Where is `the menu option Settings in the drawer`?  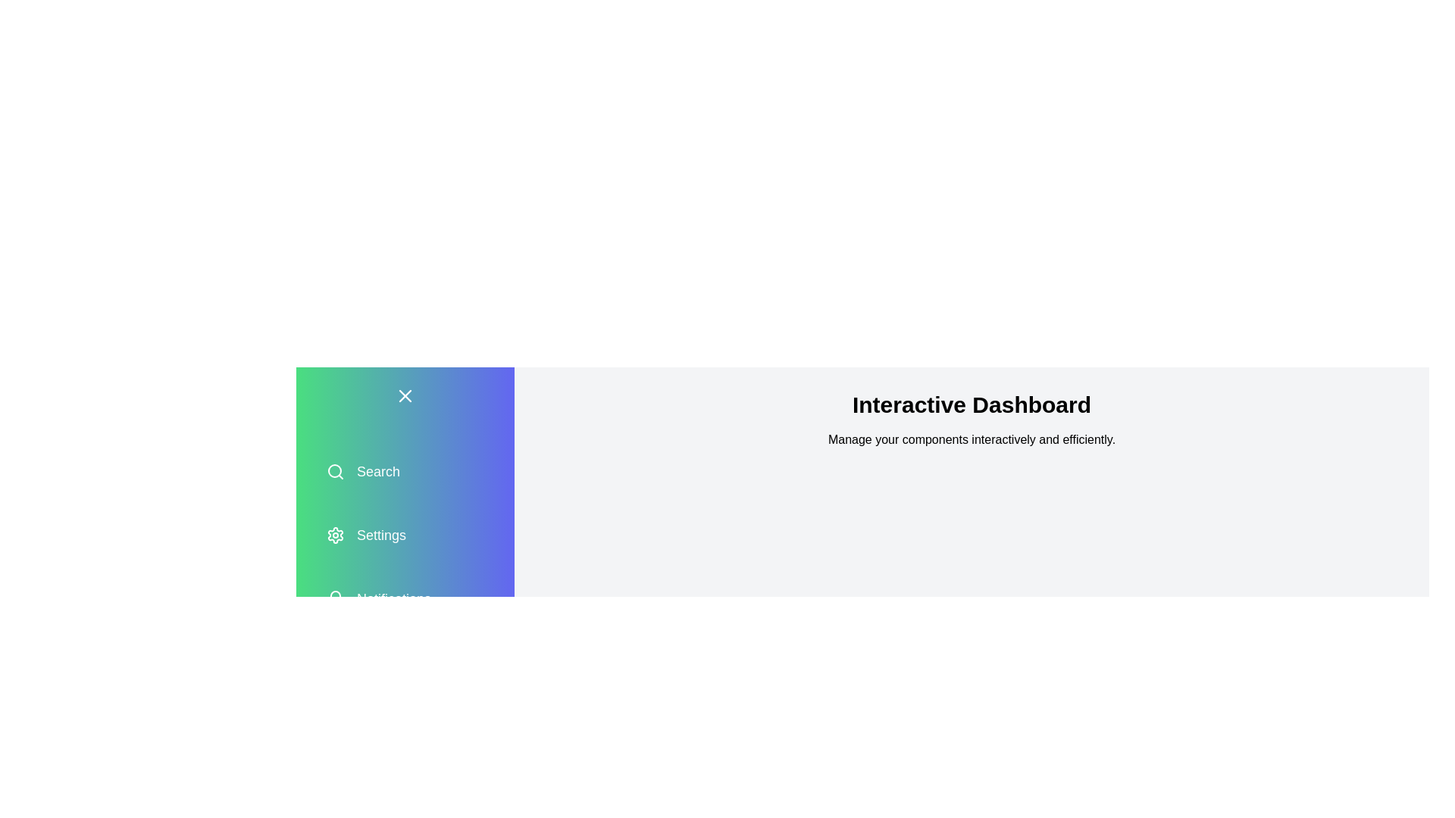
the menu option Settings in the drawer is located at coordinates (405, 534).